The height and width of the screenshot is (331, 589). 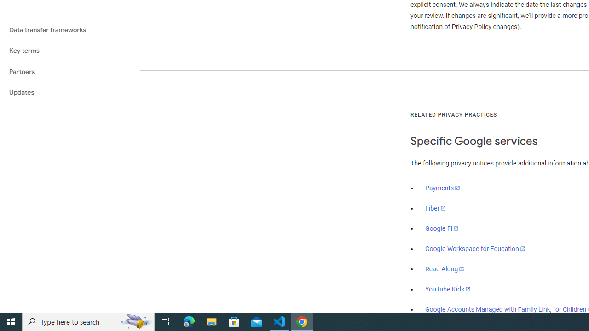 I want to click on 'Google Fi', so click(x=442, y=228).